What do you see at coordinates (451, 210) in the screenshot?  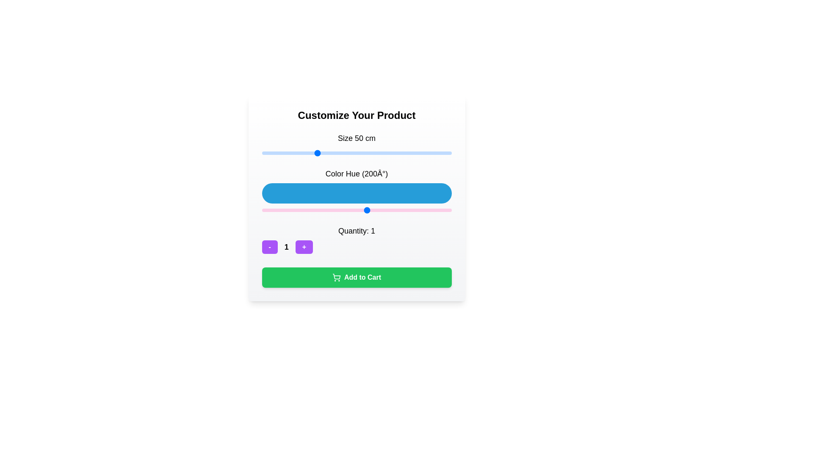 I see `the color hue slider` at bounding box center [451, 210].